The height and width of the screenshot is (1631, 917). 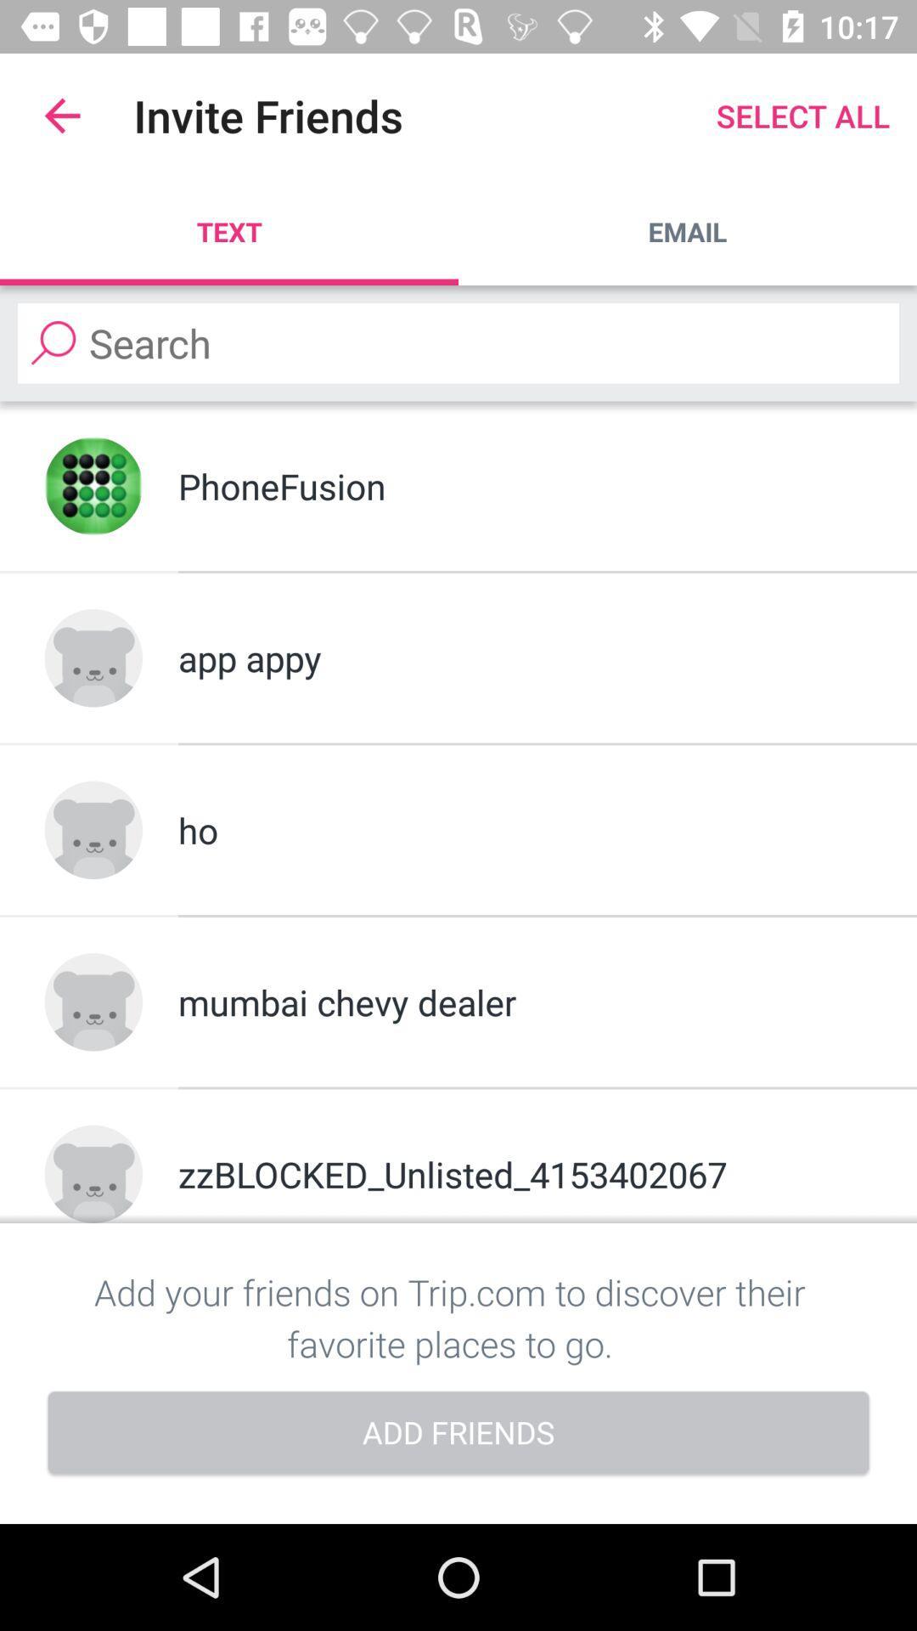 What do you see at coordinates (524, 485) in the screenshot?
I see `the phonefusion` at bounding box center [524, 485].